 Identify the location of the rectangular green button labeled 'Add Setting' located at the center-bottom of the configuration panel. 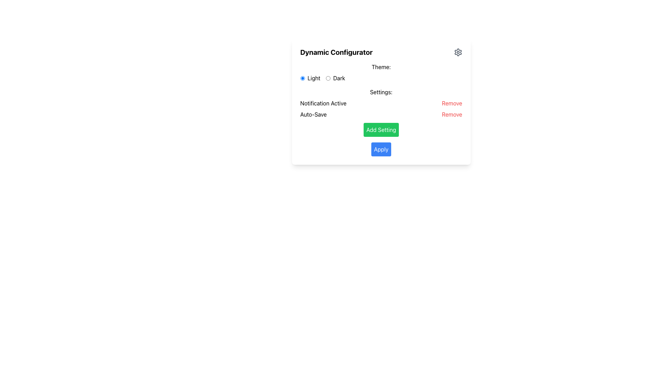
(381, 130).